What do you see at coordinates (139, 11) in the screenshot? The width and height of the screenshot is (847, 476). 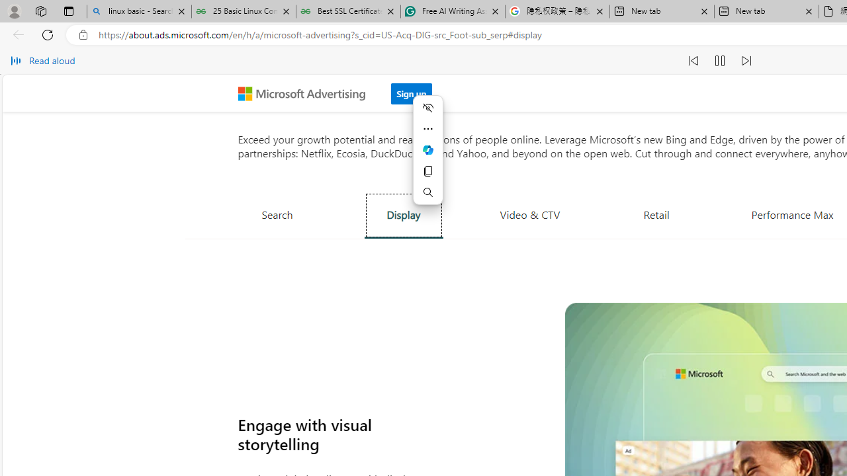 I see `'linux basic - Search'` at bounding box center [139, 11].